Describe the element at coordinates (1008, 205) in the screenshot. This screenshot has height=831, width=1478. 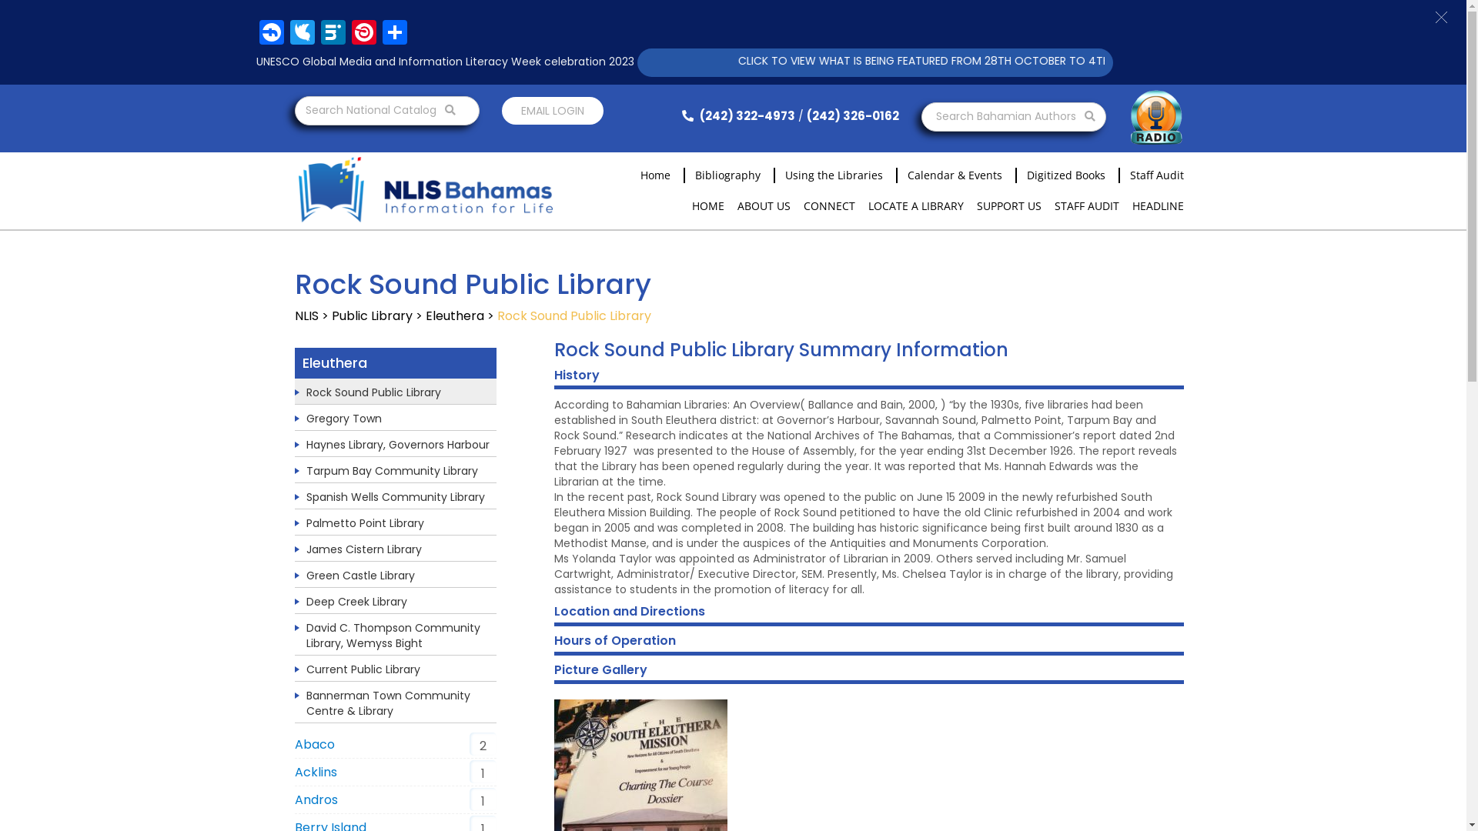
I see `'SUPPORT US'` at that location.